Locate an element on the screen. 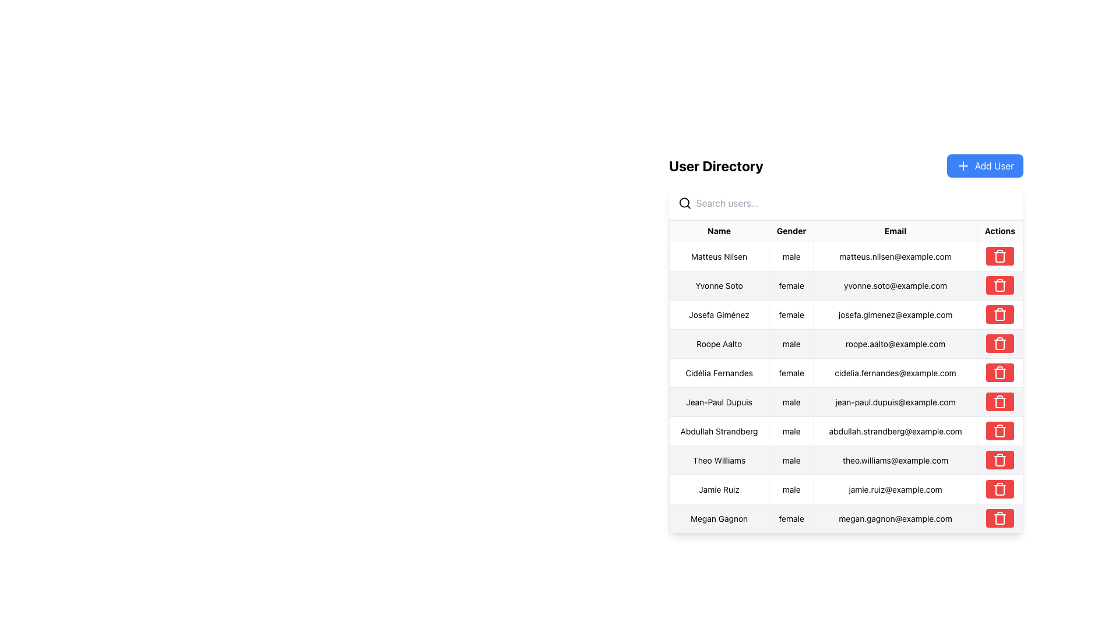 Image resolution: width=1119 pixels, height=629 pixels. the table cell displaying 'male' in the 'Gender' column, associated with 'Jean-Paul Dupuis' is located at coordinates (791, 401).